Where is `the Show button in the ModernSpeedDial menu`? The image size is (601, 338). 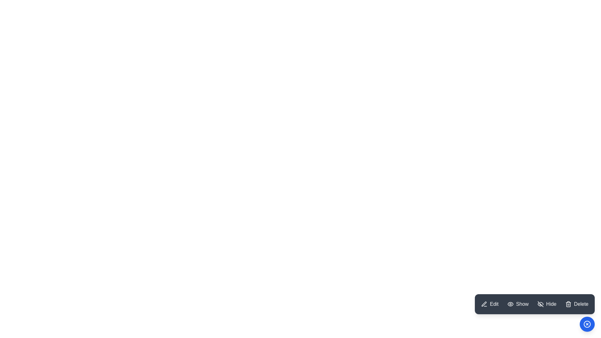 the Show button in the ModernSpeedDial menu is located at coordinates (518, 304).